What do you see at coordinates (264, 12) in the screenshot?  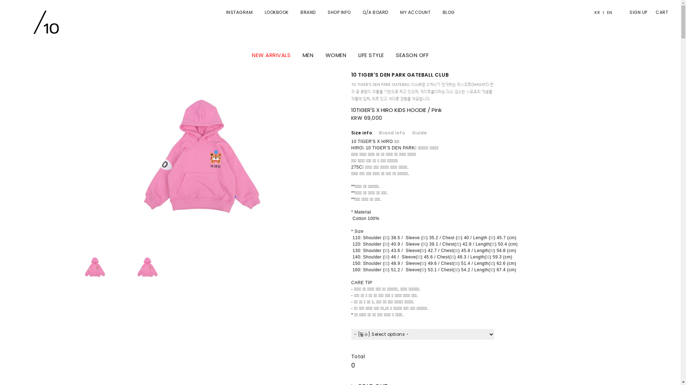 I see `'LOOKBOOK'` at bounding box center [264, 12].